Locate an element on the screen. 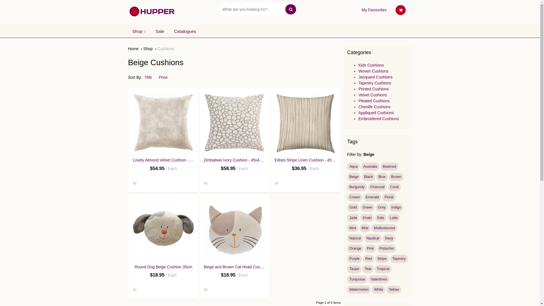 This screenshot has height=306, width=544. 'Tapestry' is located at coordinates (399, 259).